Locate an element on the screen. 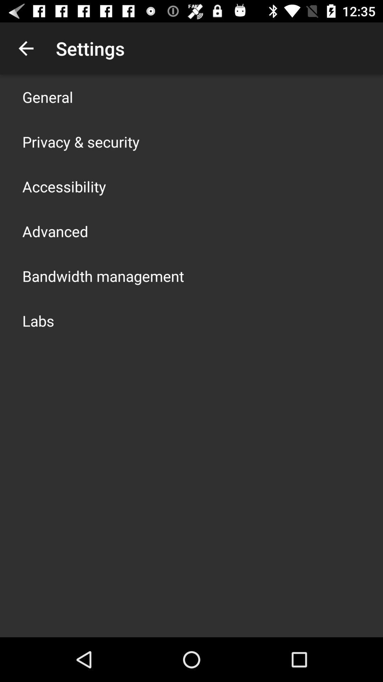 The width and height of the screenshot is (383, 682). app below advanced is located at coordinates (103, 276).